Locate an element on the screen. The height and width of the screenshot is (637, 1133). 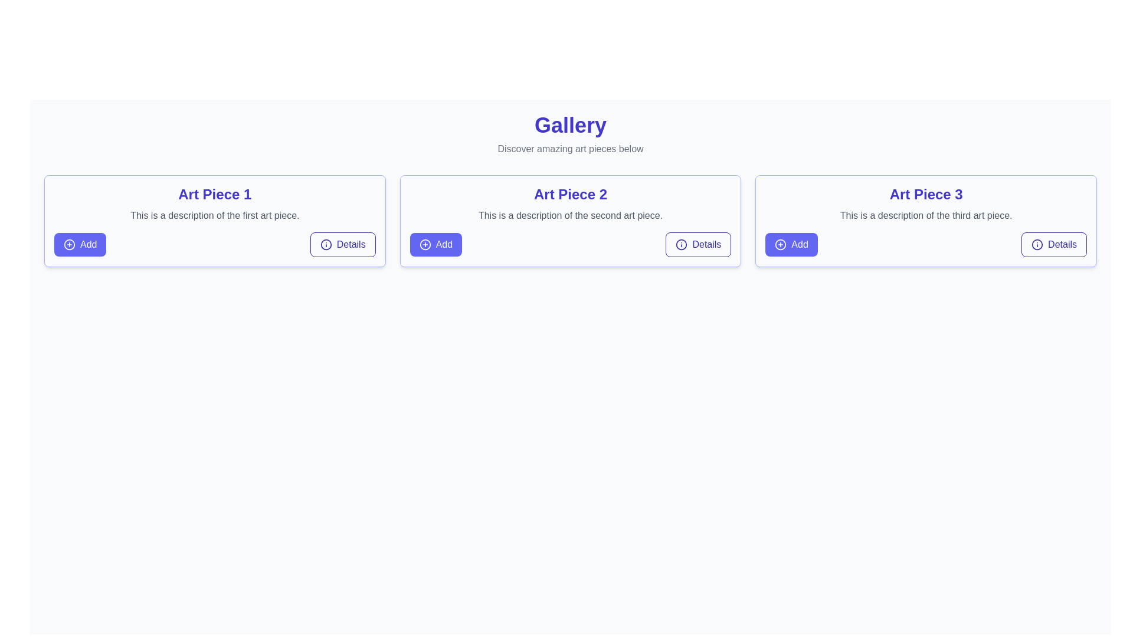
the 'Add' icon located within the left-hand side of the 'Add' button in the card labeled 'Art Piece 2', which is the middle card in a row of three cards is located at coordinates (425, 244).